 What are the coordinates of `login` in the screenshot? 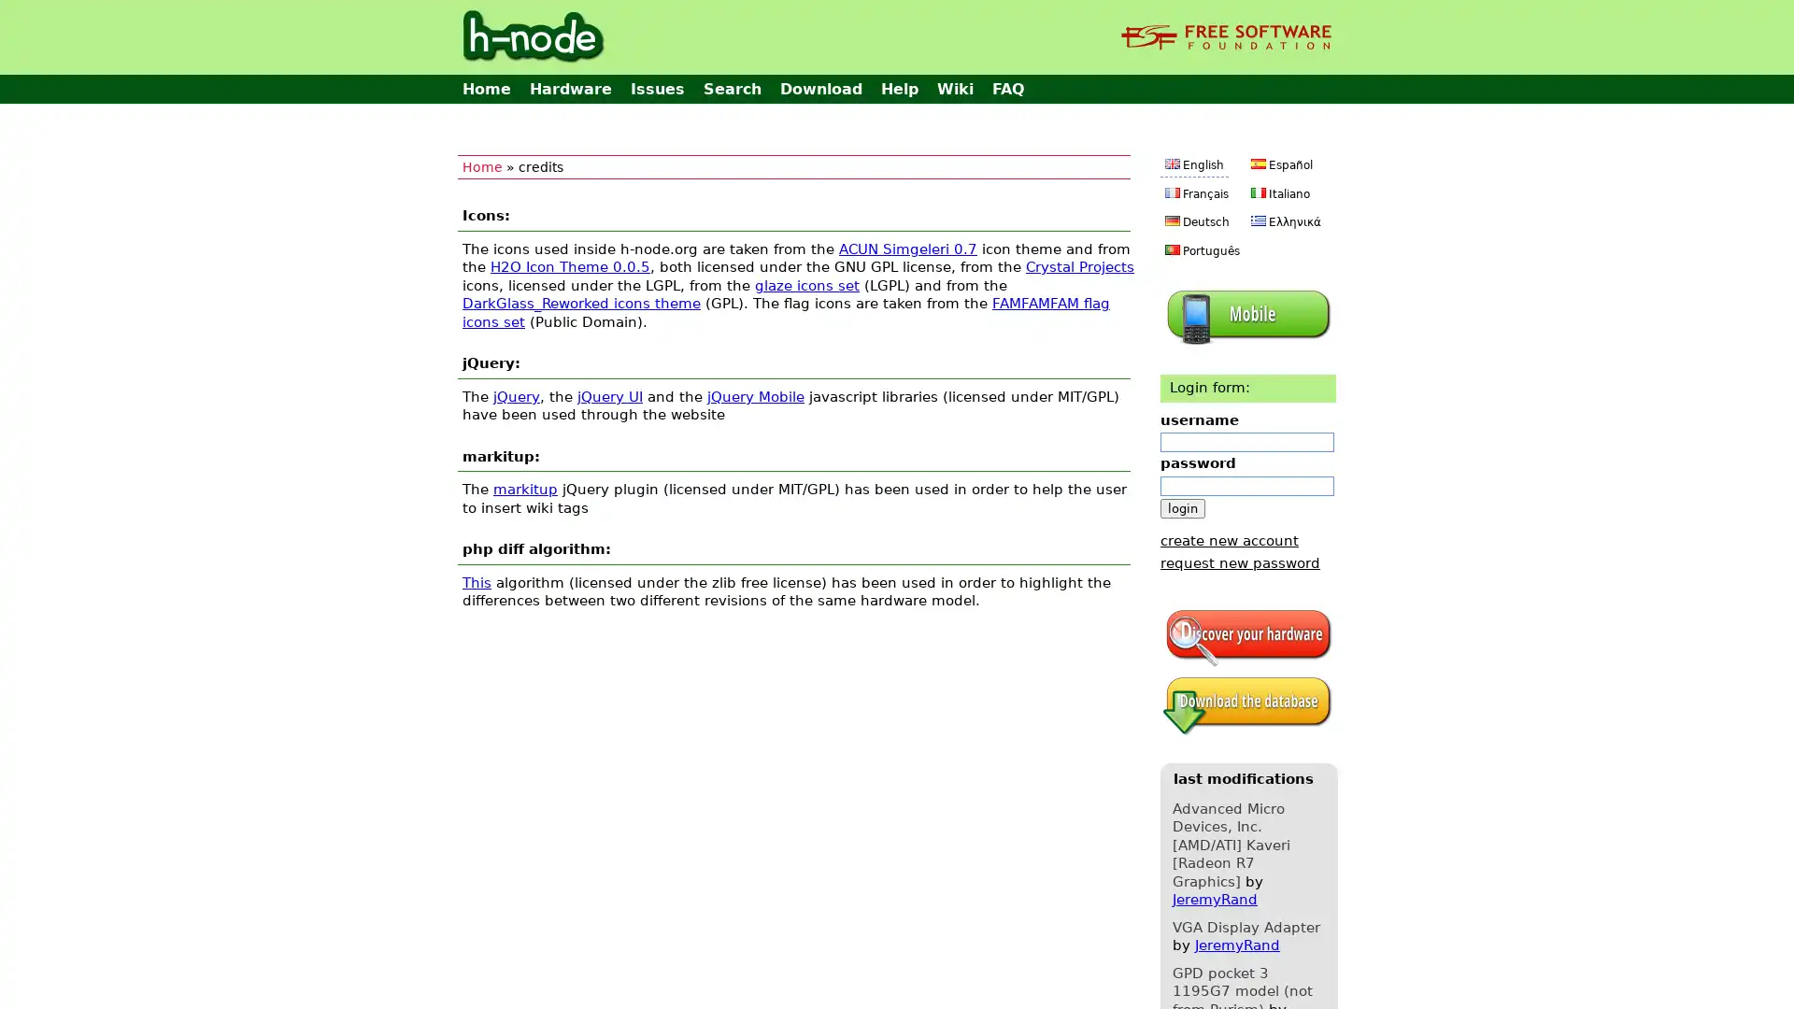 It's located at (1182, 507).